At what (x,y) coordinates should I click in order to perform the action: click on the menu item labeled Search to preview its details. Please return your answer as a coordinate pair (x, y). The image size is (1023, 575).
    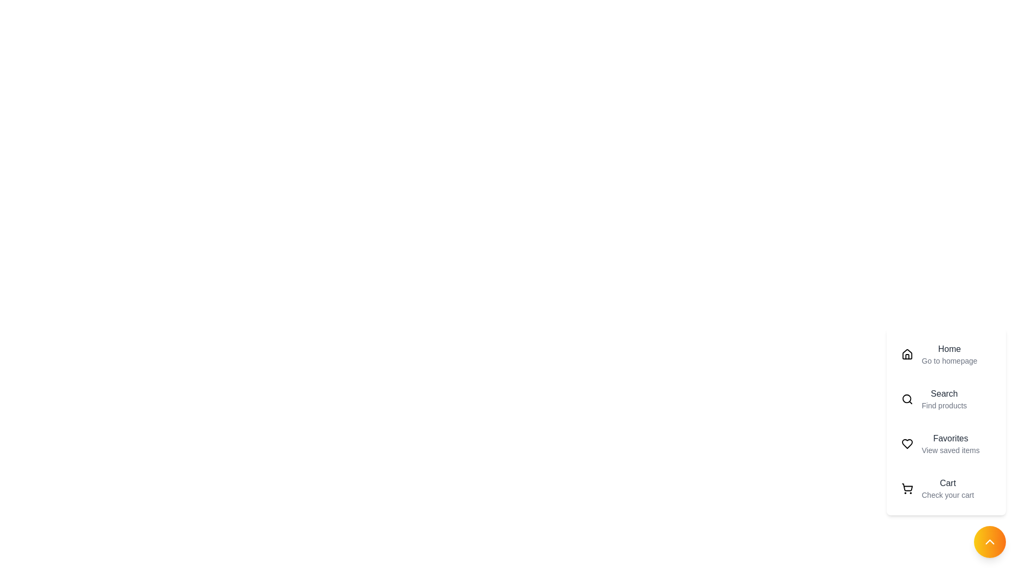
    Looking at the image, I should click on (946, 399).